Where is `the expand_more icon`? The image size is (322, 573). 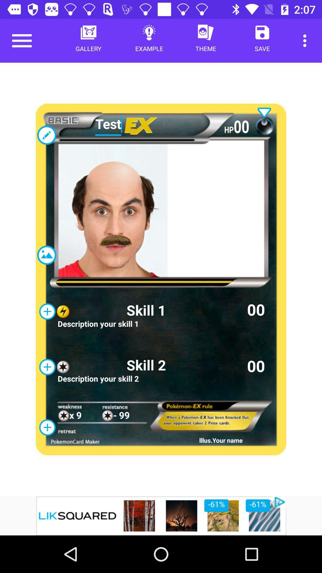
the expand_more icon is located at coordinates (264, 113).